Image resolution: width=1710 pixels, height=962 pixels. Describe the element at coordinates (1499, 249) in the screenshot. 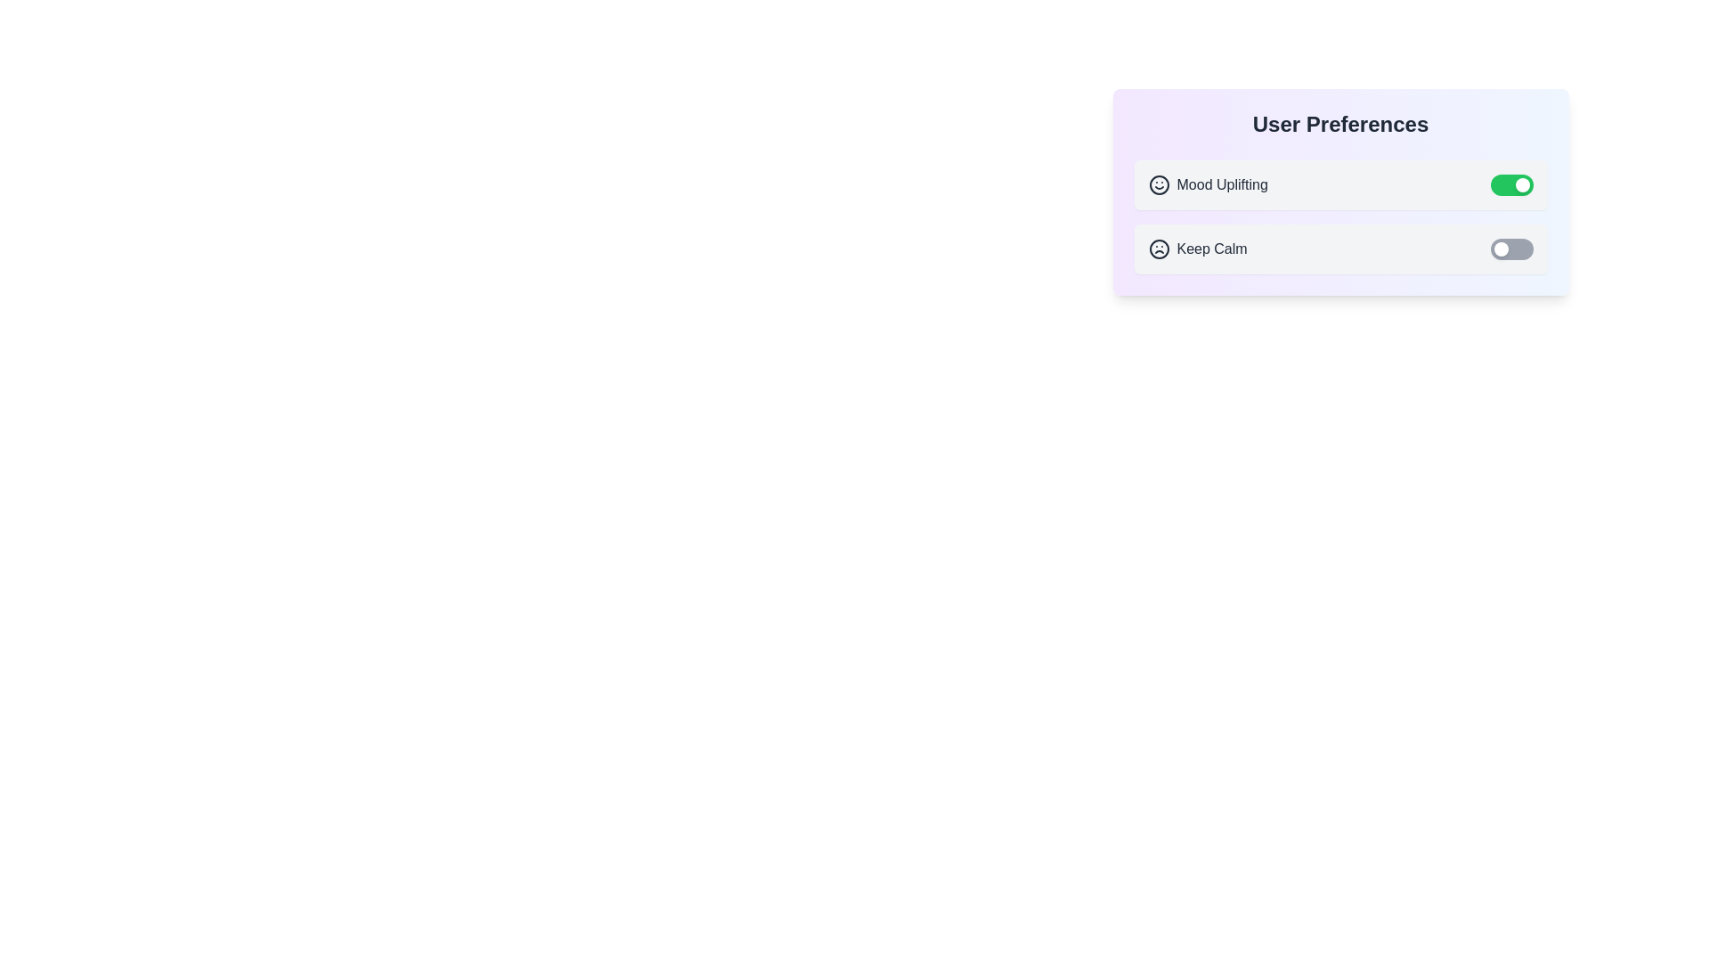

I see `the circular toggle handle of the second toggle switch labeled 'Keep Calm' in the 'User Preferences' section to switch its state` at that location.